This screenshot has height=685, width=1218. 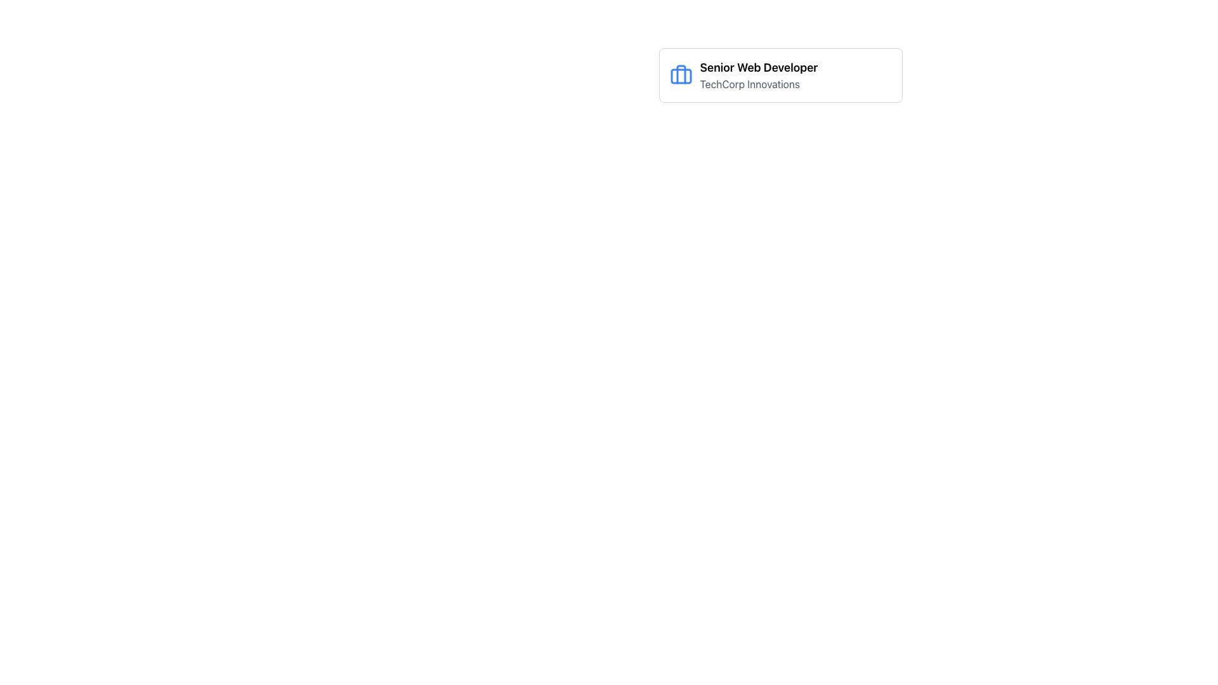 I want to click on the vertical rectangular graphical icon component that is part of the briefcase symbol, located to the left of the text 'Senior Web Developer', so click(x=680, y=74).